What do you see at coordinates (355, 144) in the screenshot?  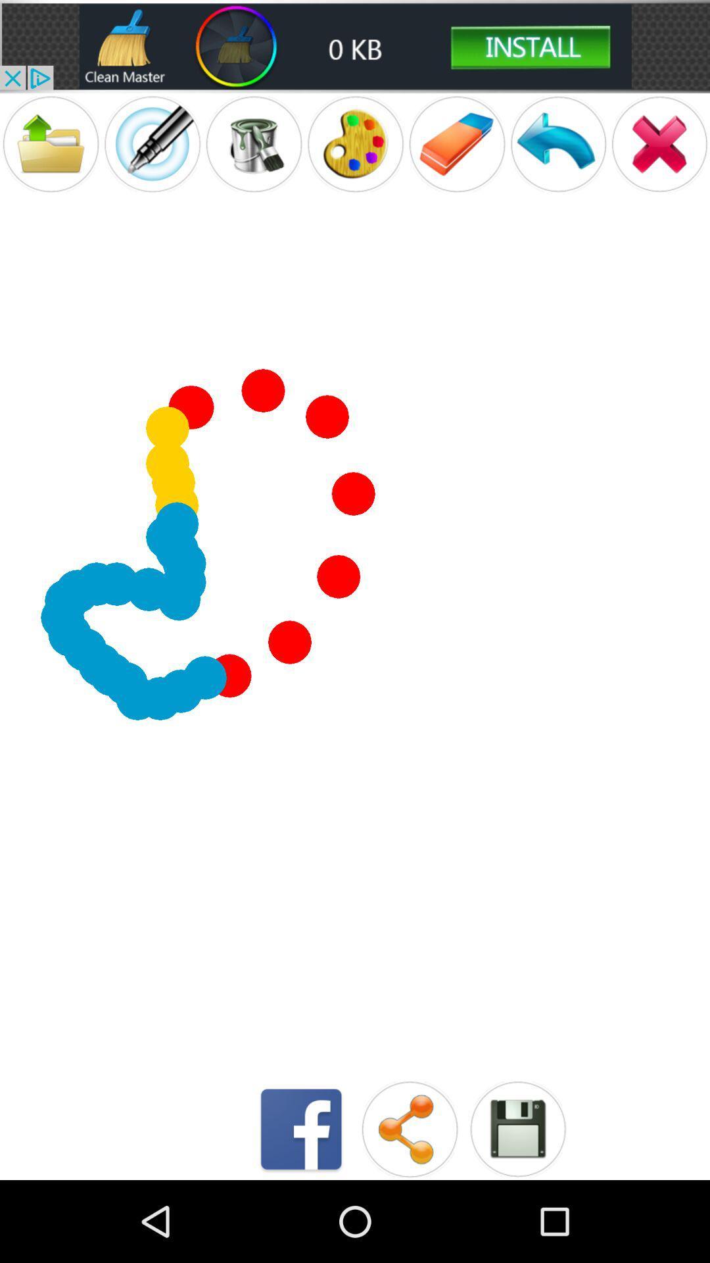 I see `painting` at bounding box center [355, 144].